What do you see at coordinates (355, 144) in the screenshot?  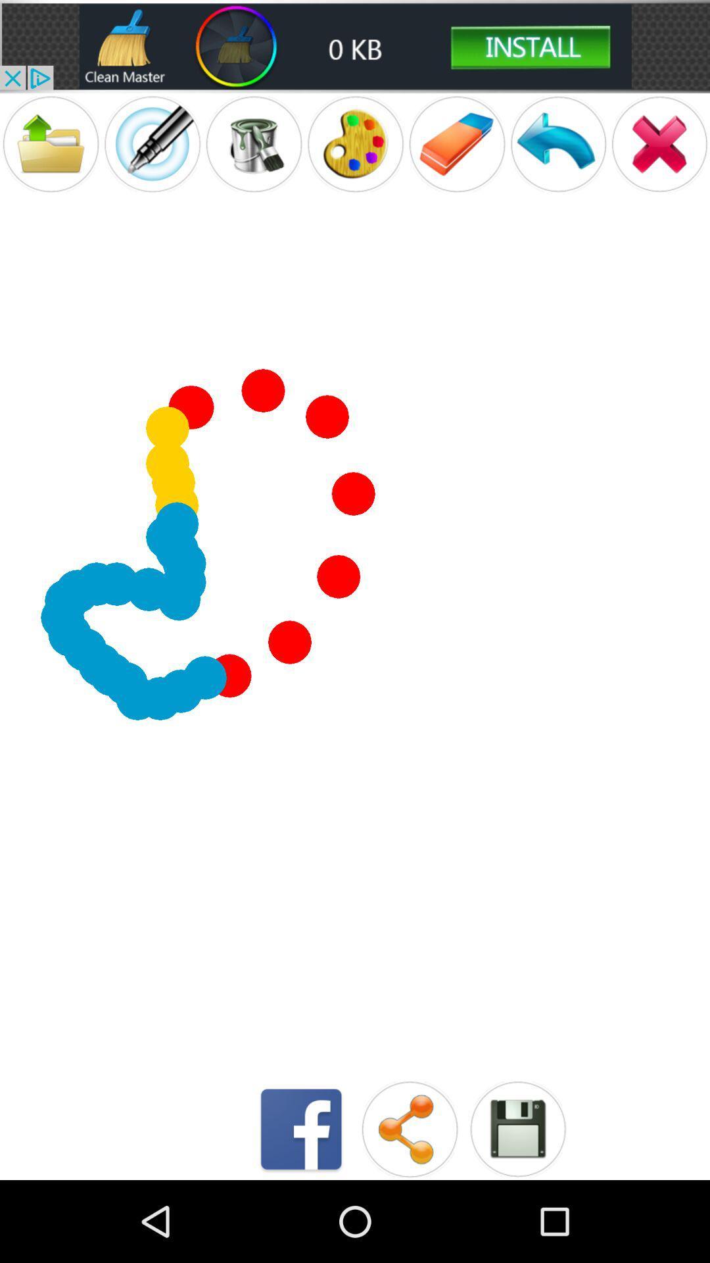 I see `painting` at bounding box center [355, 144].